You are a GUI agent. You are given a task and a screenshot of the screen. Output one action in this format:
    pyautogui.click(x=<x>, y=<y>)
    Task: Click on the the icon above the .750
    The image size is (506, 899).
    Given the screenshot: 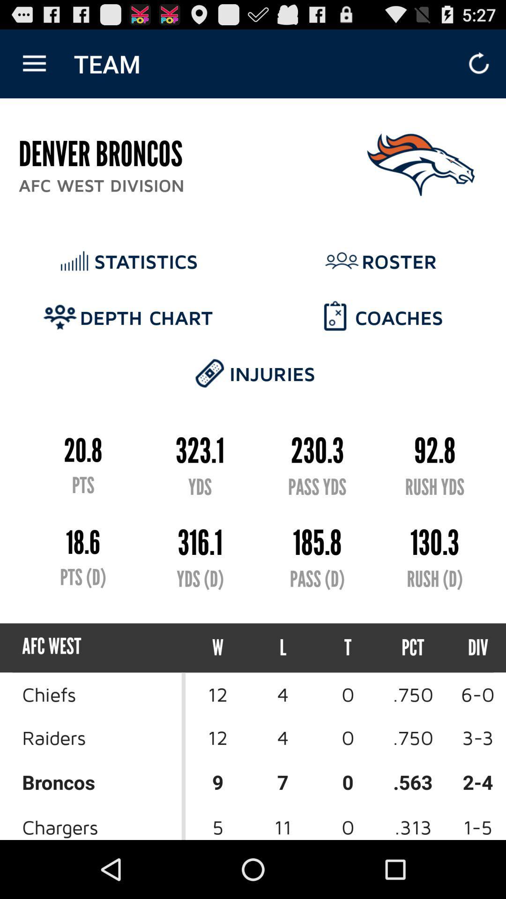 What is the action you would take?
    pyautogui.click(x=469, y=647)
    